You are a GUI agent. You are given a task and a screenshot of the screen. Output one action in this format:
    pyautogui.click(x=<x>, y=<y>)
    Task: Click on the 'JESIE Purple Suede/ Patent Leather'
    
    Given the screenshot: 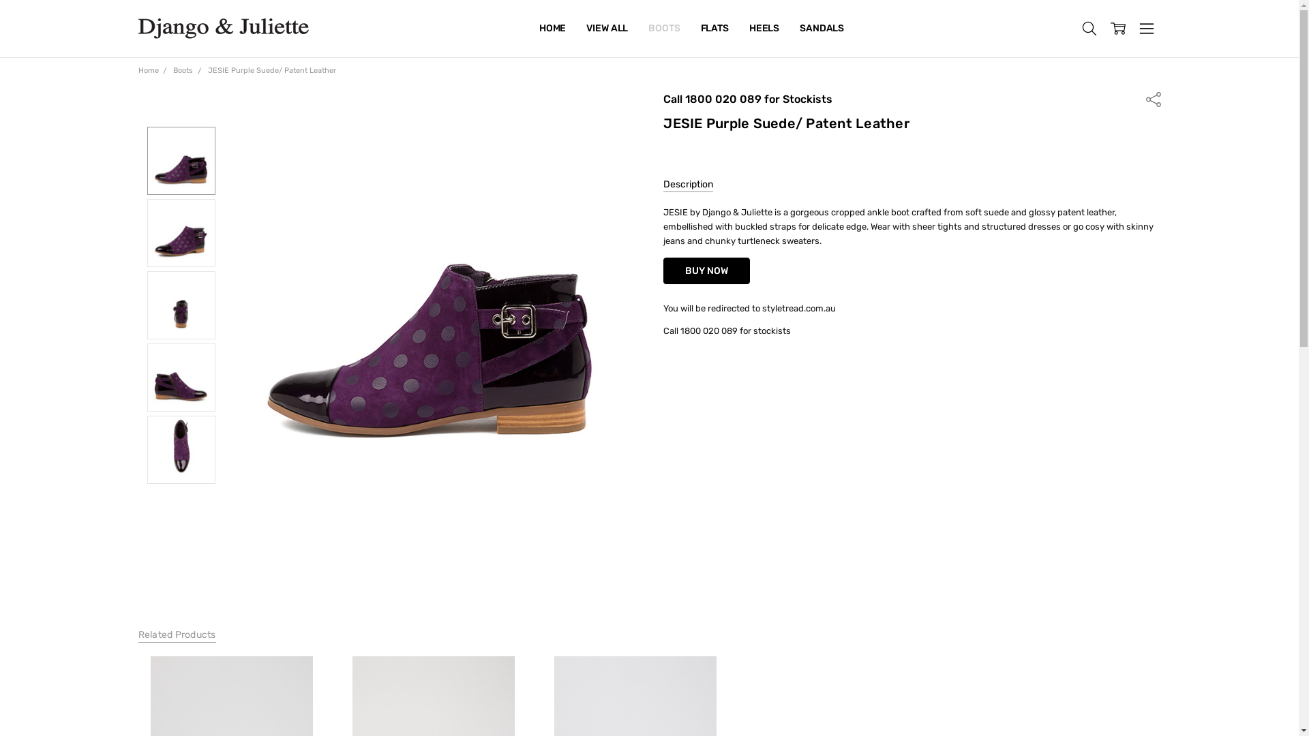 What is the action you would take?
    pyautogui.click(x=180, y=304)
    